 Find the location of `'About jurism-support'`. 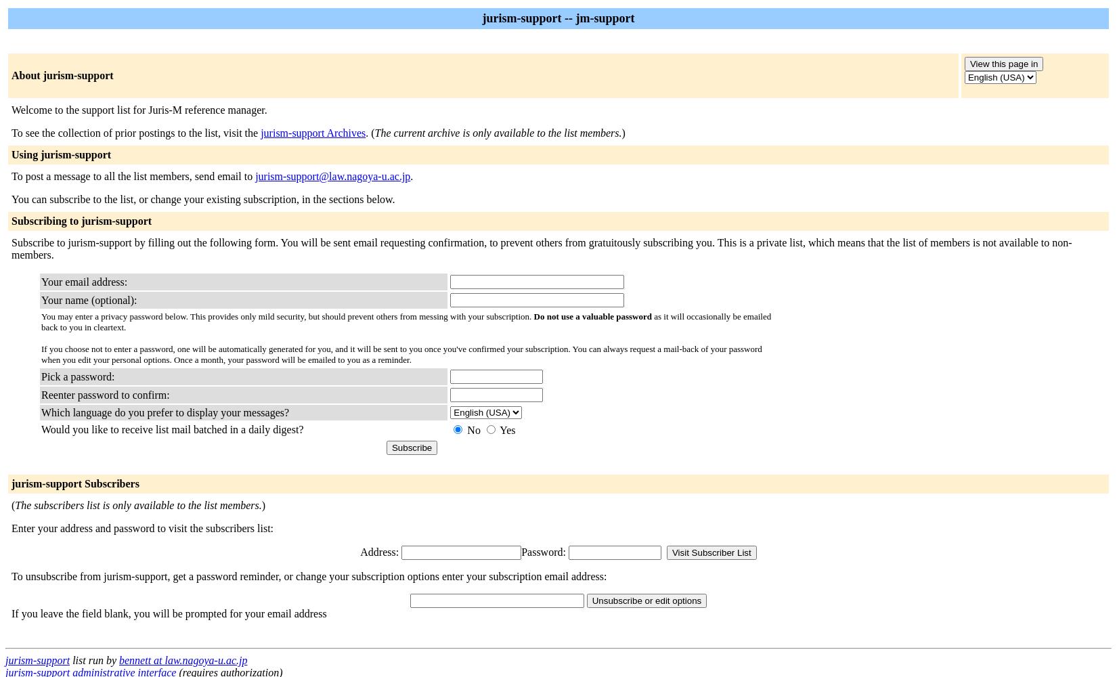

'About jurism-support' is located at coordinates (62, 74).